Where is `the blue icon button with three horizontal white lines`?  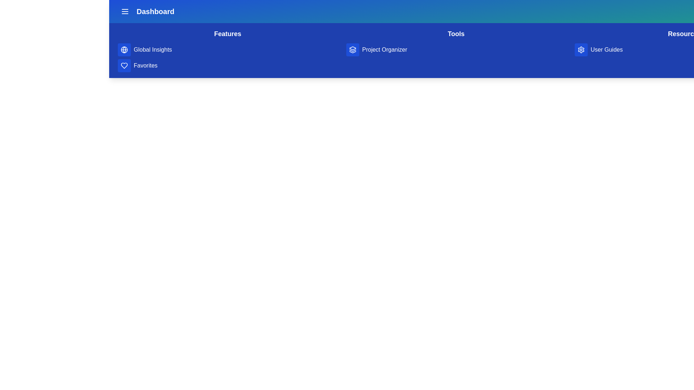
the blue icon button with three horizontal white lines is located at coordinates (125, 11).